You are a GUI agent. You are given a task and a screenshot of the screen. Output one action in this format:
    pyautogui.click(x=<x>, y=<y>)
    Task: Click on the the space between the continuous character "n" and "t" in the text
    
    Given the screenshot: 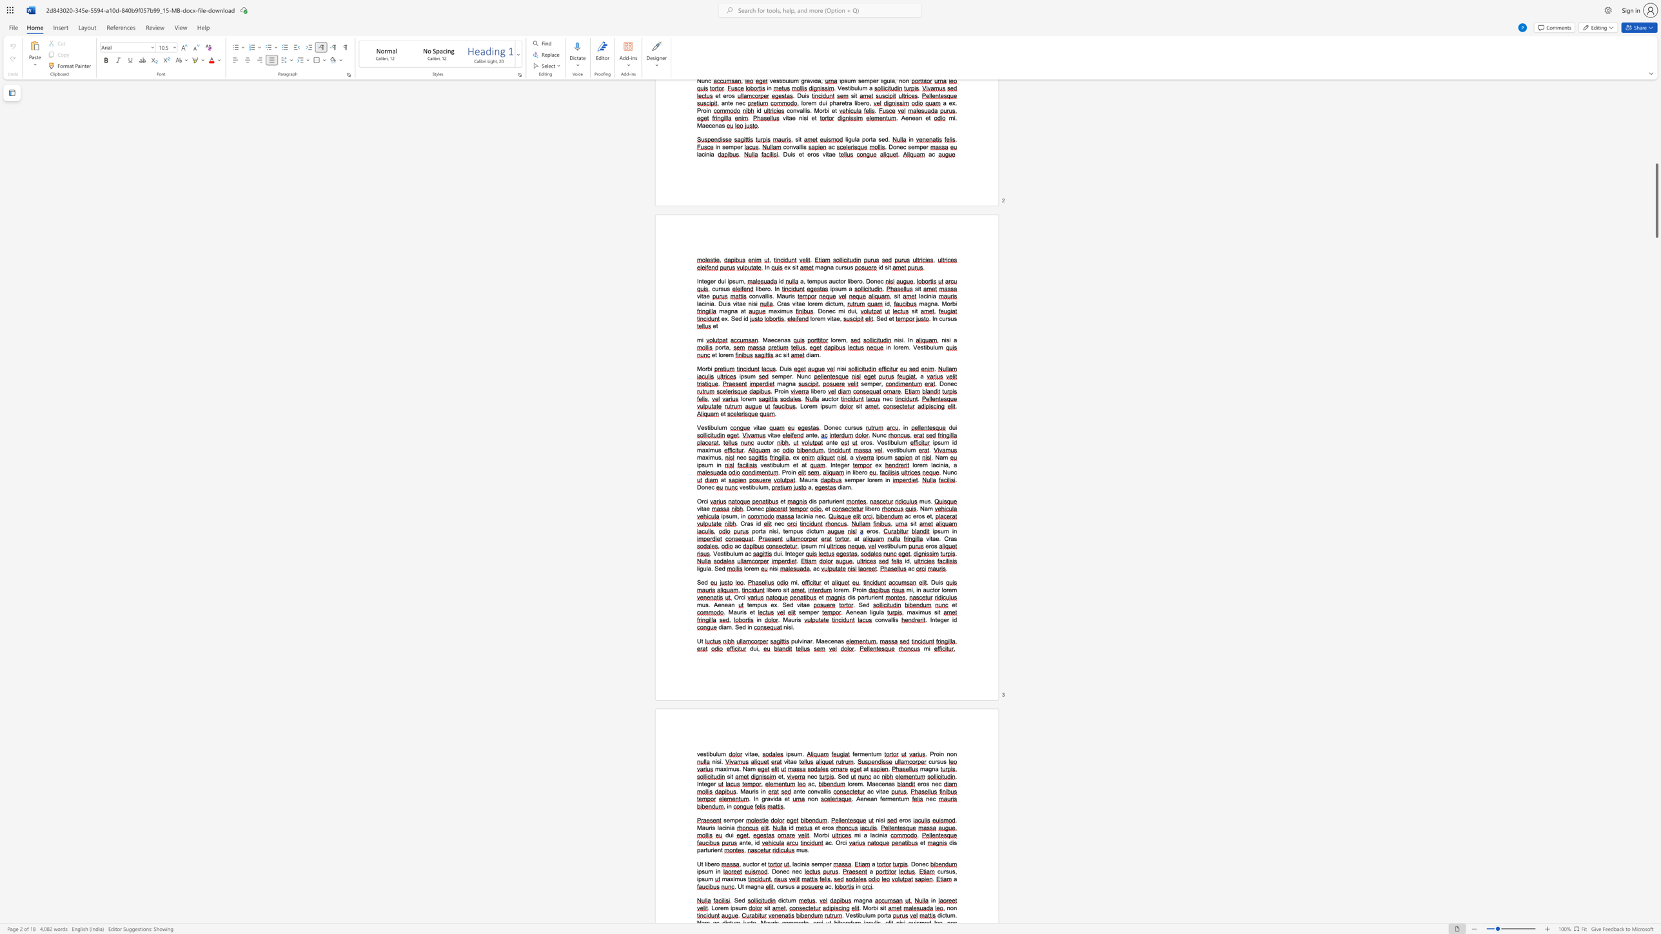 What is the action you would take?
    pyautogui.click(x=798, y=791)
    